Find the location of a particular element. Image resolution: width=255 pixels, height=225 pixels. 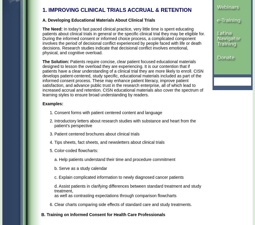

'Introductory letters about research studies with substance and heart from the patient’s perspective' is located at coordinates (125, 123).